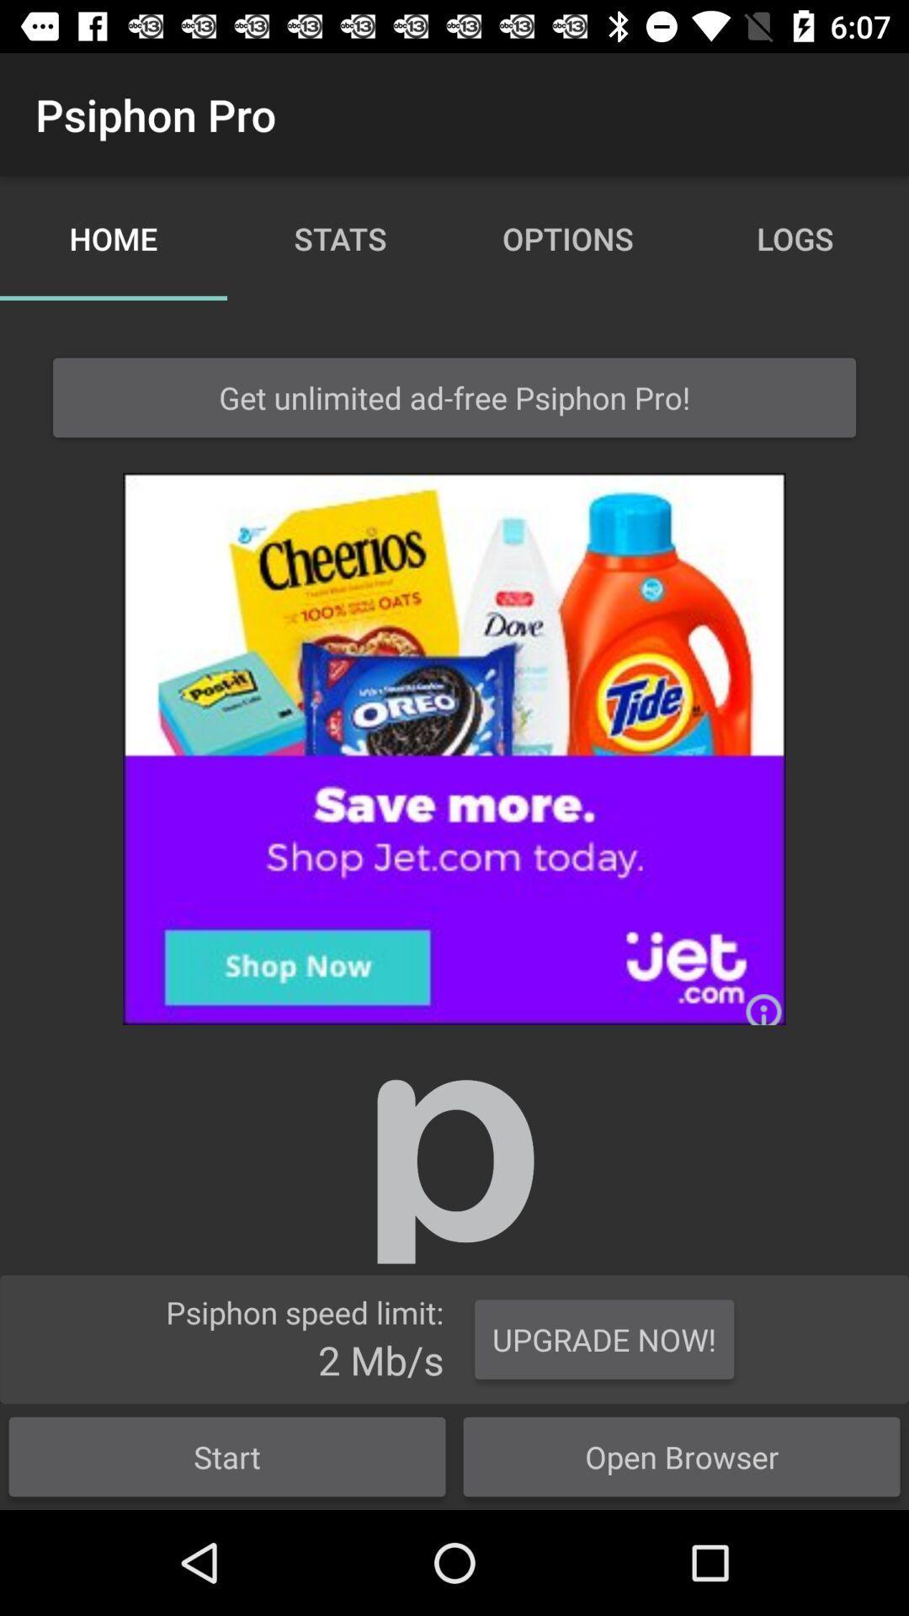  I want to click on the icon open browser, so click(682, 1456).